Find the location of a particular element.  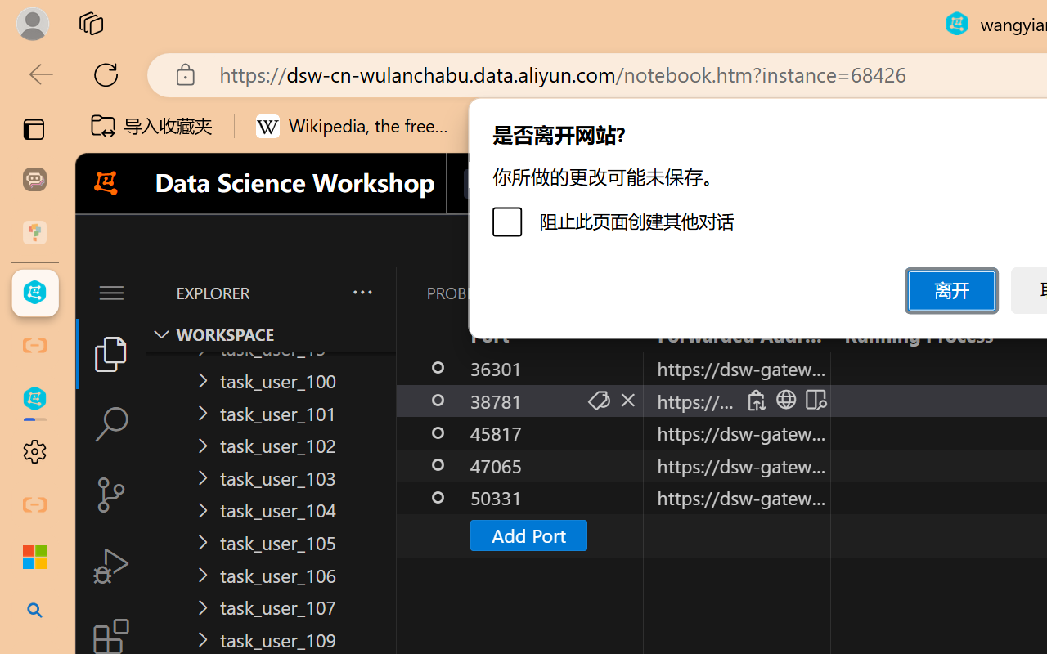

'wangyian_dsw - DSW' is located at coordinates (34, 293).